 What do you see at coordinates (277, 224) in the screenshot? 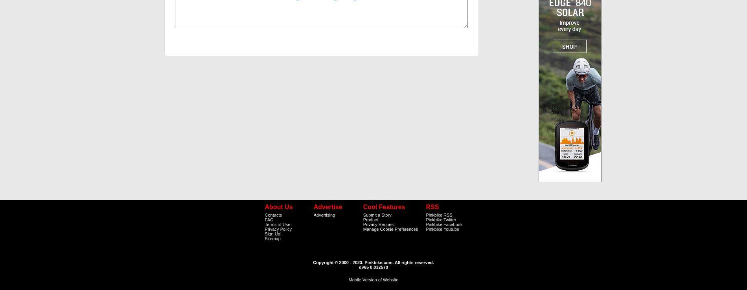
I see `'Terms of Use'` at bounding box center [277, 224].